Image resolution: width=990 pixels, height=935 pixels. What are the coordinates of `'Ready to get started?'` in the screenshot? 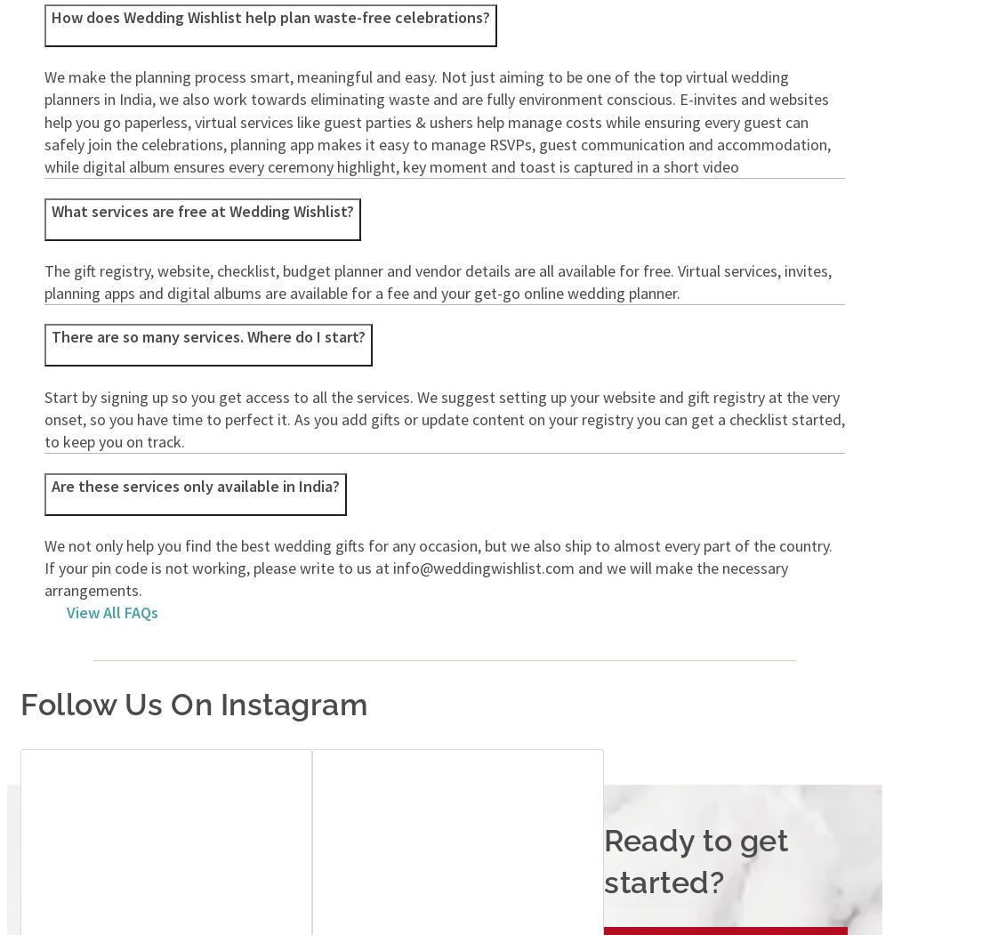 It's located at (695, 859).